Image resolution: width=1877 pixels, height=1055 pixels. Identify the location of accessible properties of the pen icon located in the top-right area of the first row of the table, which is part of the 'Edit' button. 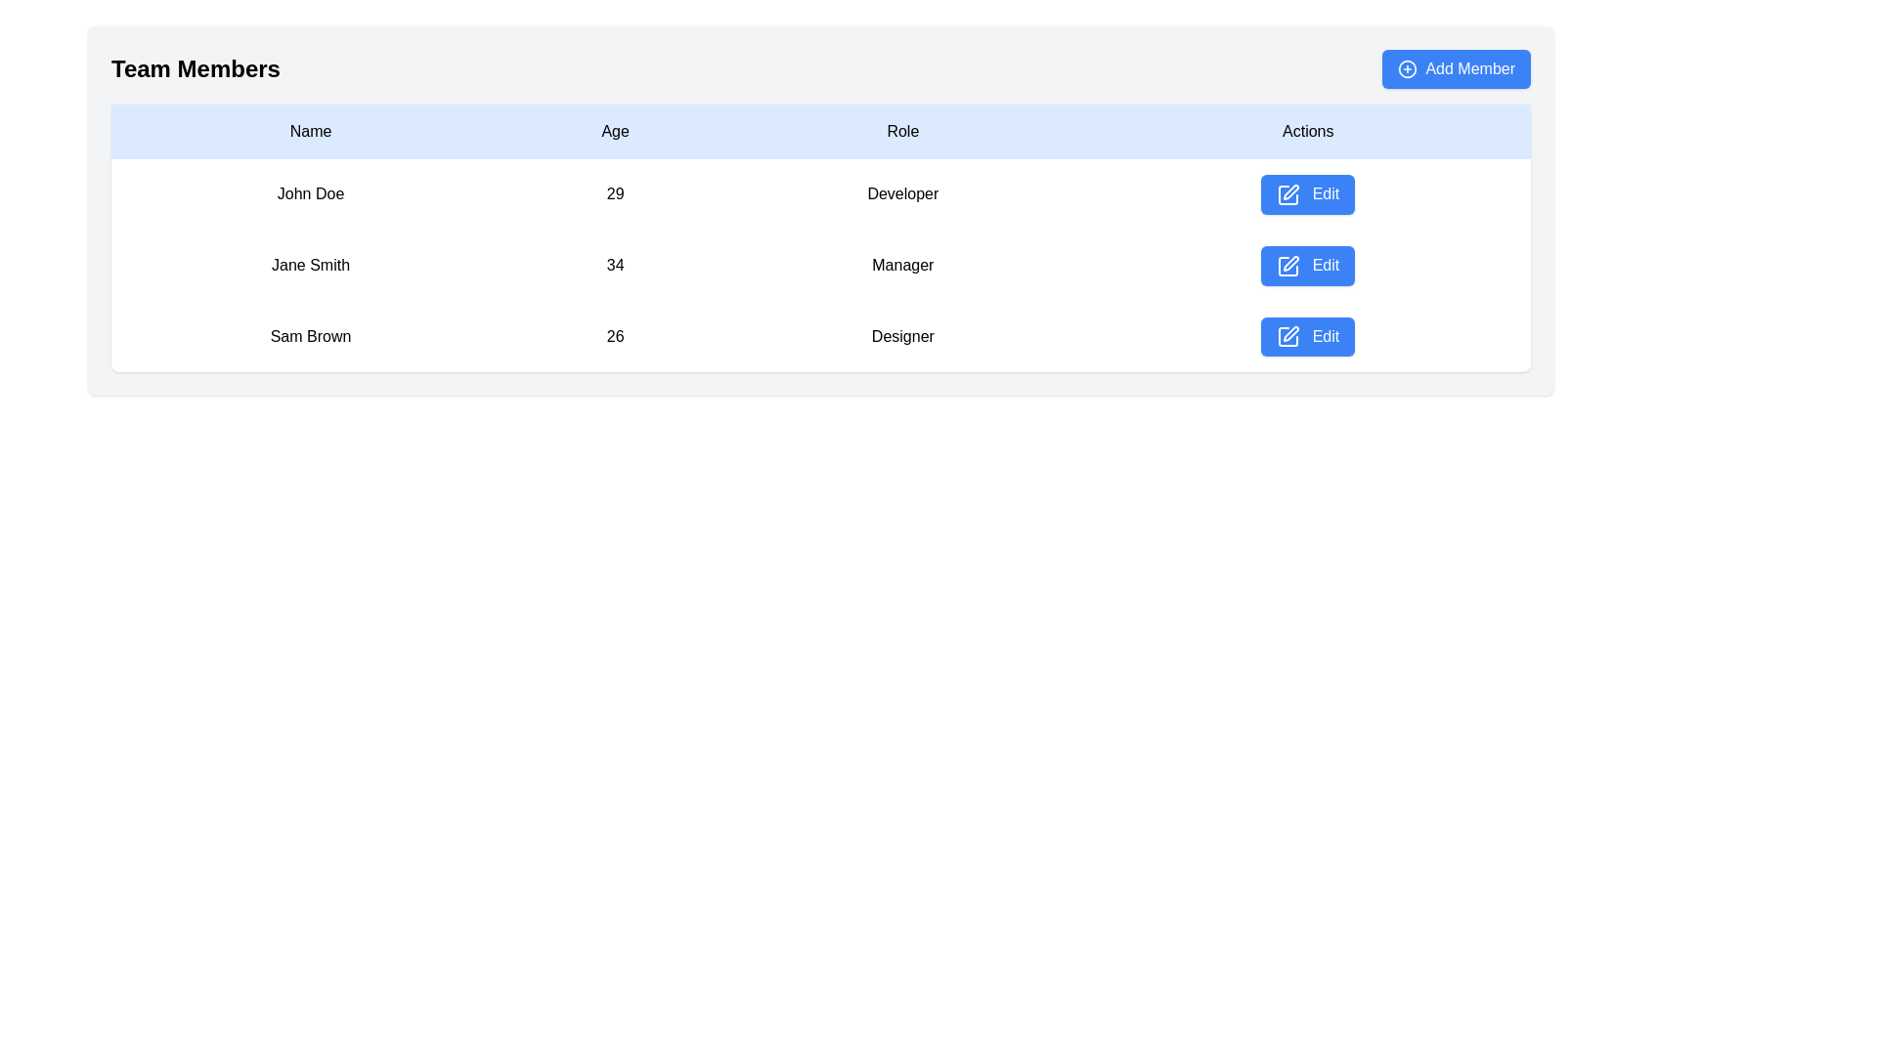
(1290, 191).